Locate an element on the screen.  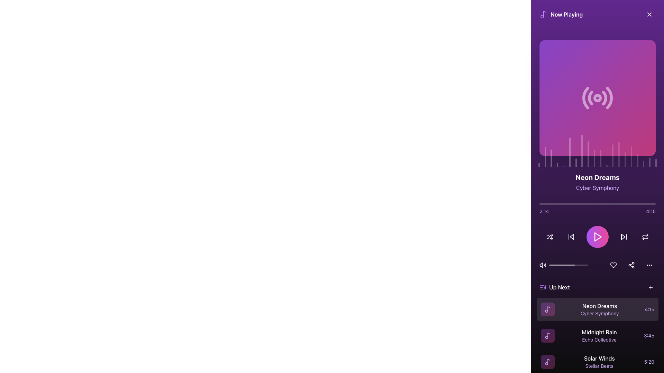
the share button located as the second icon from the left in a group of three at the bottom-right section of the 'Now Playing' panel is located at coordinates (631, 265).